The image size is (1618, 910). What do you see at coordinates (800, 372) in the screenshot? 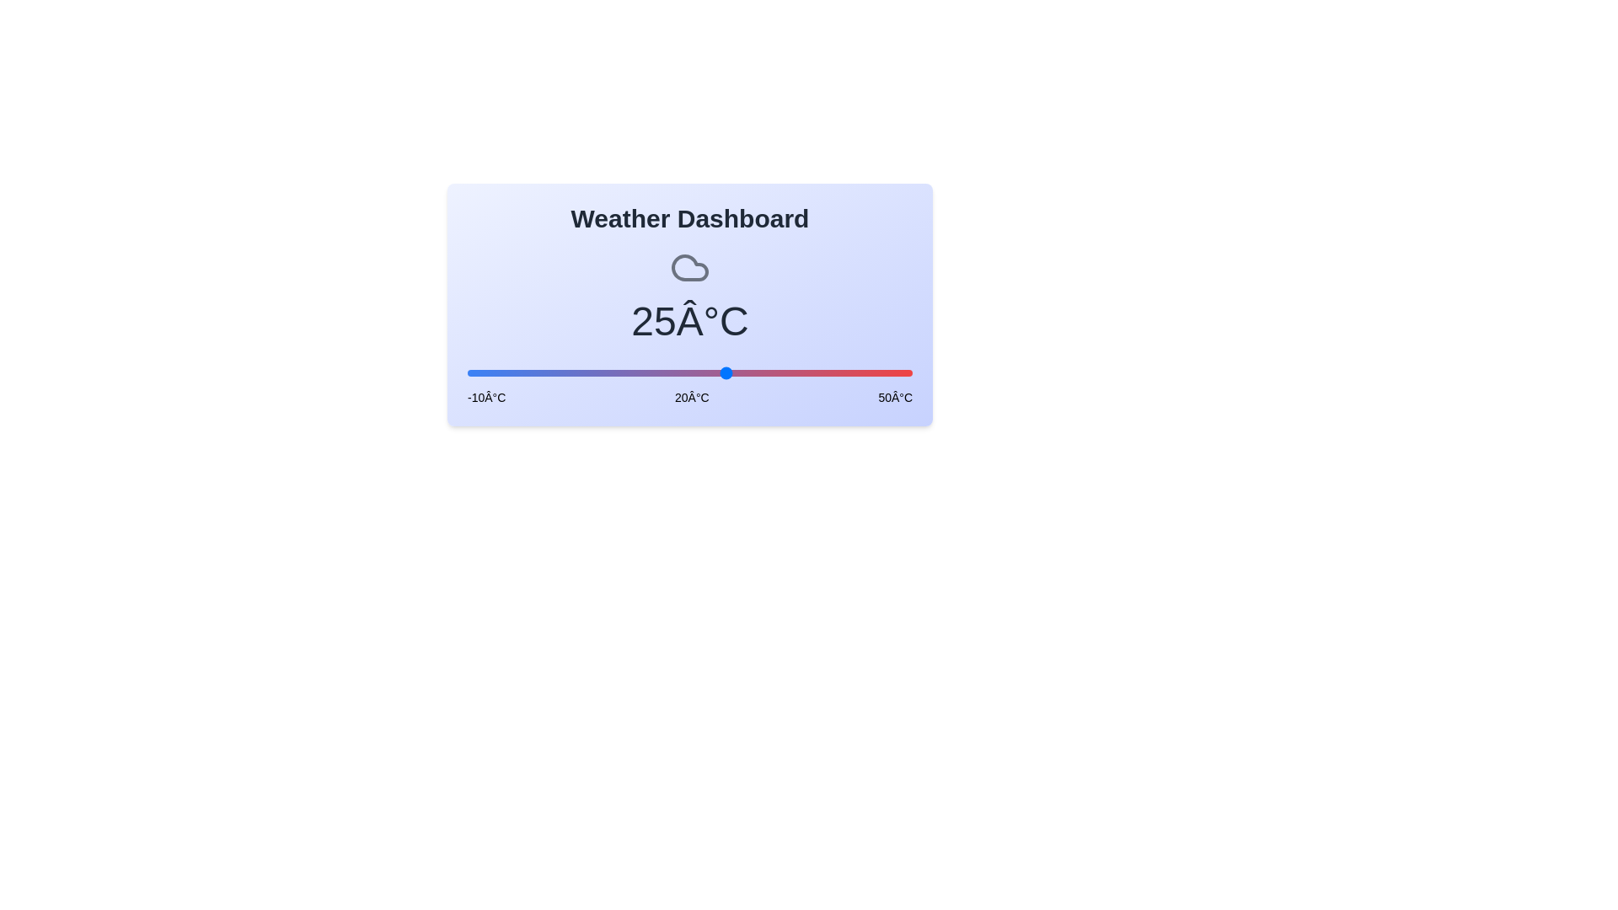
I see `the slider to a specific temperature value 35 within the range [-10, 50]` at bounding box center [800, 372].